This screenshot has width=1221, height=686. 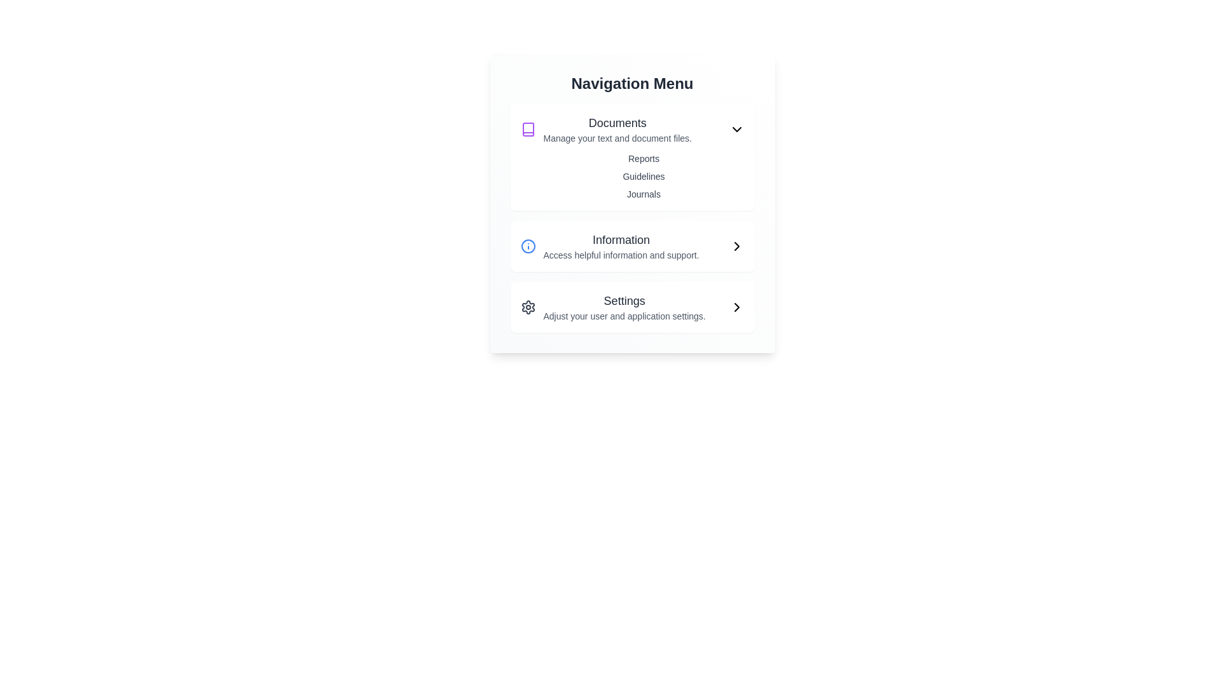 I want to click on the textual UI element that states 'Adjust your user and application settings.' located in the 'Settings' section of the navigation menu, so click(x=624, y=315).